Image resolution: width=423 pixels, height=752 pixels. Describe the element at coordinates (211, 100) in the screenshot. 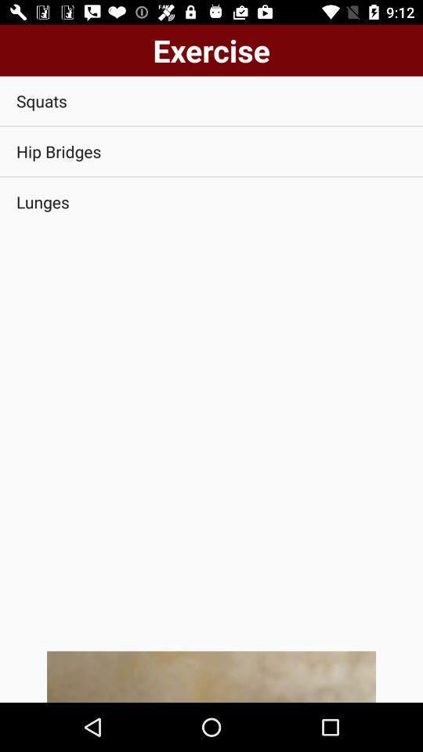

I see `squats` at that location.